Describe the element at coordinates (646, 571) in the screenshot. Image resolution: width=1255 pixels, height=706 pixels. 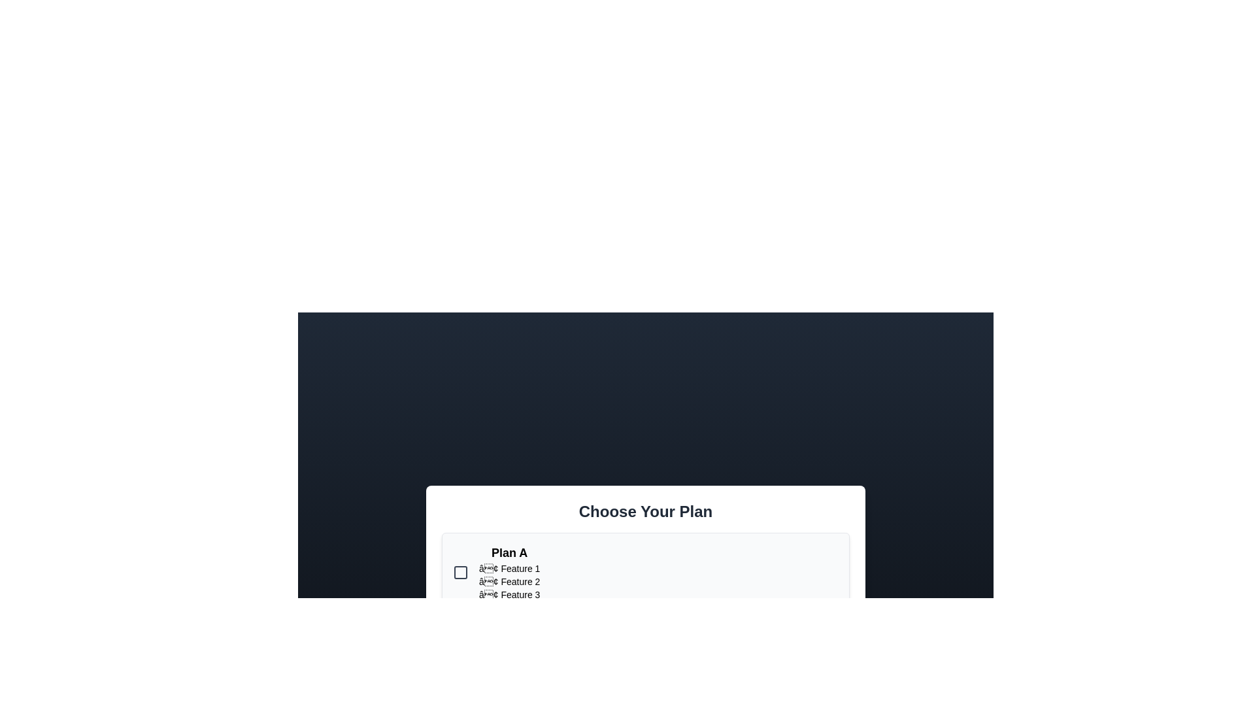
I see `the plan Plan A by clicking on its card` at that location.